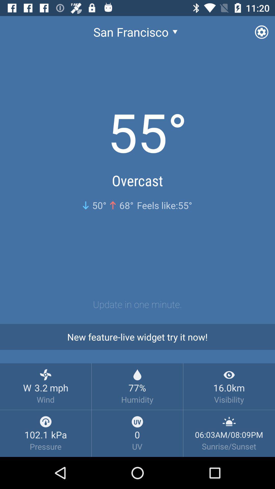 This screenshot has width=275, height=489. Describe the element at coordinates (262, 32) in the screenshot. I see `the settings icon` at that location.